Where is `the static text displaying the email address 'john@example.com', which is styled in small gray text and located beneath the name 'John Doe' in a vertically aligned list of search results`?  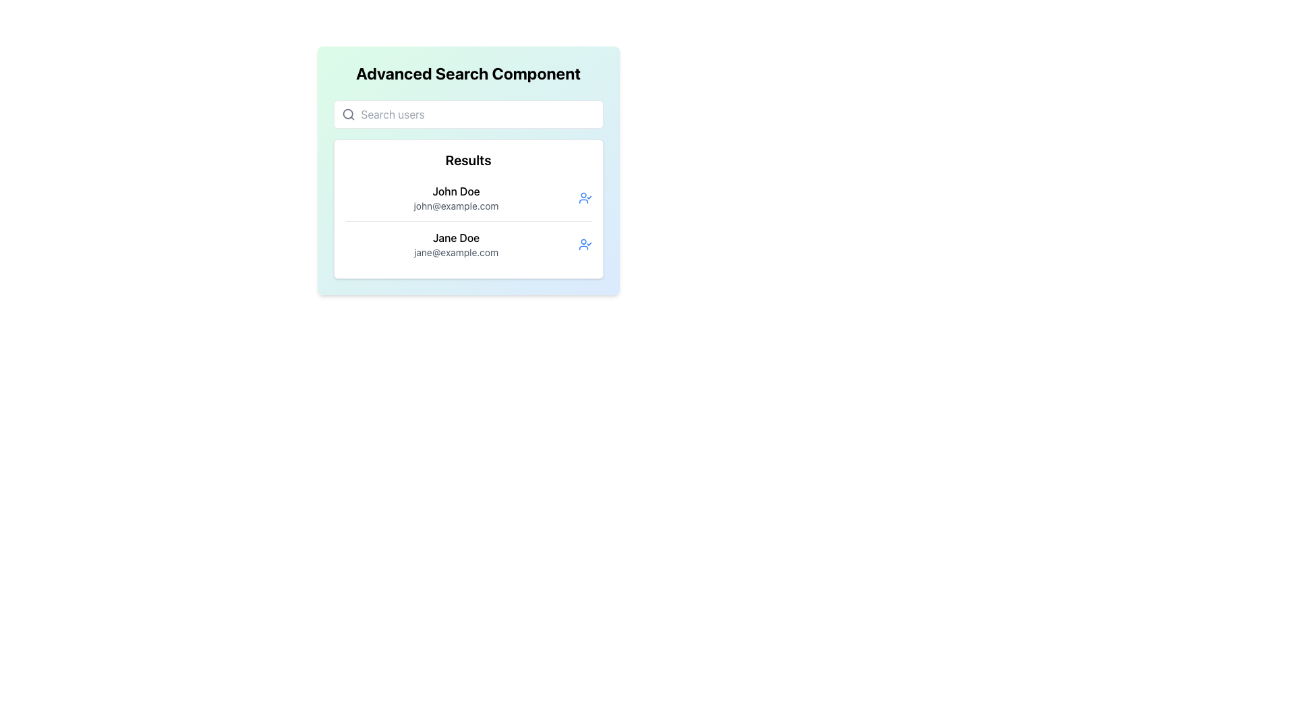 the static text displaying the email address 'john@example.com', which is styled in small gray text and located beneath the name 'John Doe' in a vertically aligned list of search results is located at coordinates (456, 206).